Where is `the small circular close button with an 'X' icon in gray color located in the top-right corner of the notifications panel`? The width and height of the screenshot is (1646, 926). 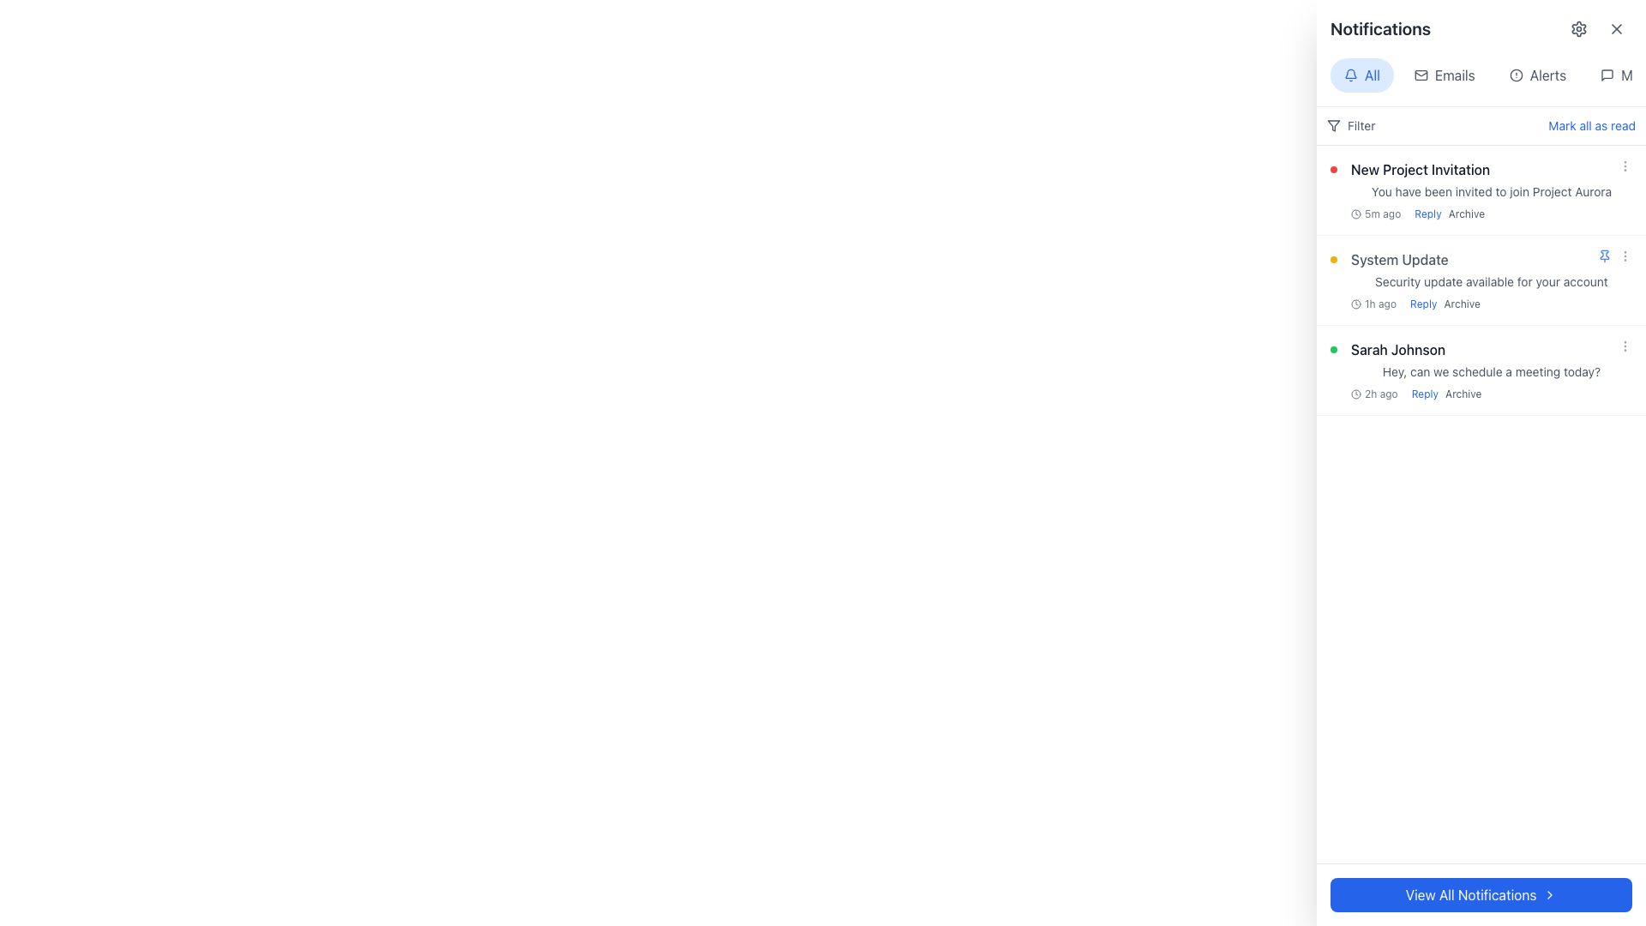 the small circular close button with an 'X' icon in gray color located in the top-right corner of the notifications panel is located at coordinates (1616, 29).